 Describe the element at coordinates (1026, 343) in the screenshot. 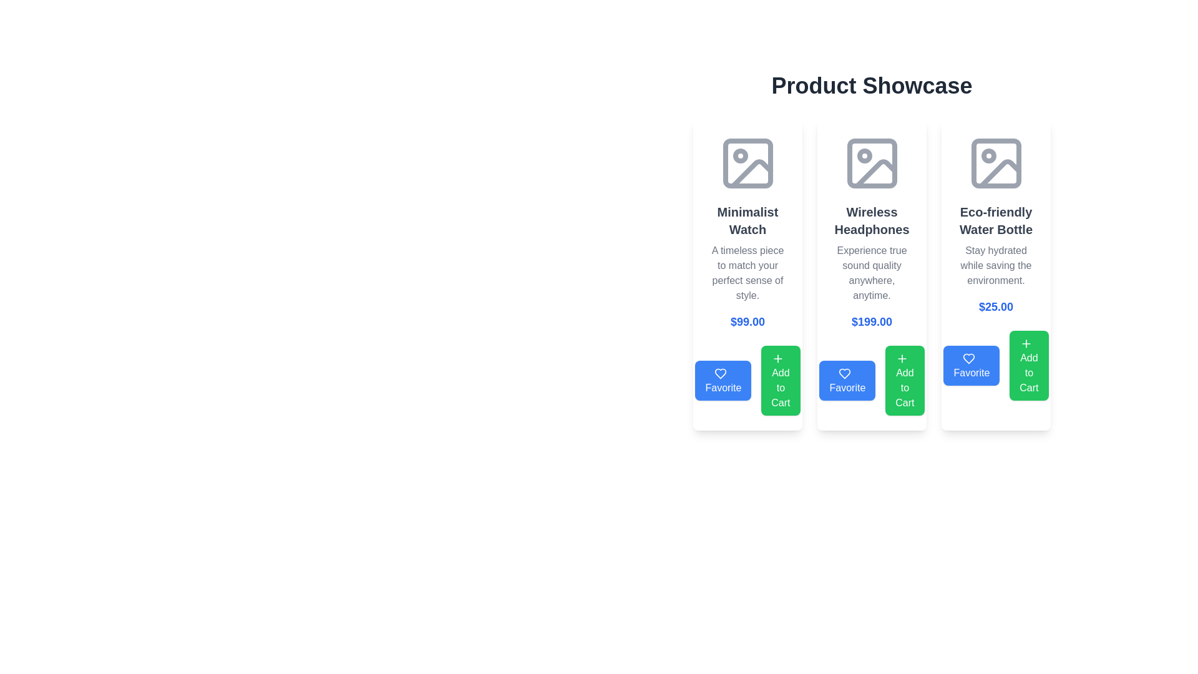

I see `the plus icon within the green 'Add to Cart' button located at the right bottom section of the product card` at that location.